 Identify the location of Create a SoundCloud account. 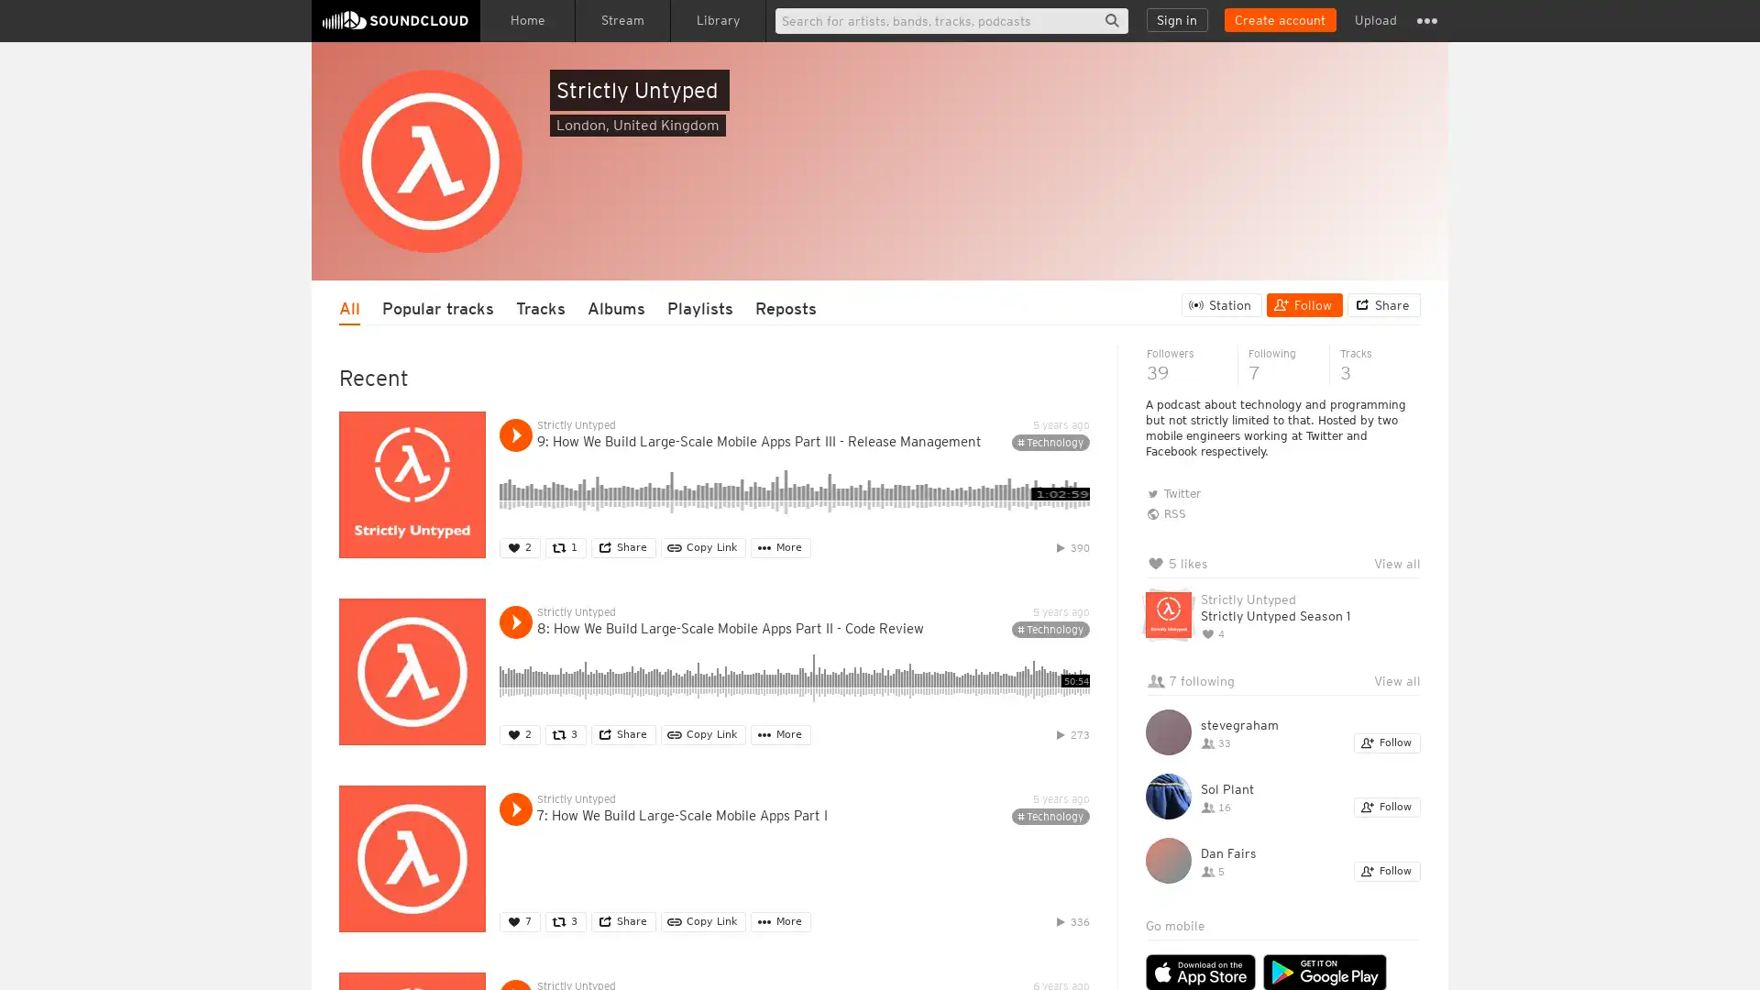
(1279, 20).